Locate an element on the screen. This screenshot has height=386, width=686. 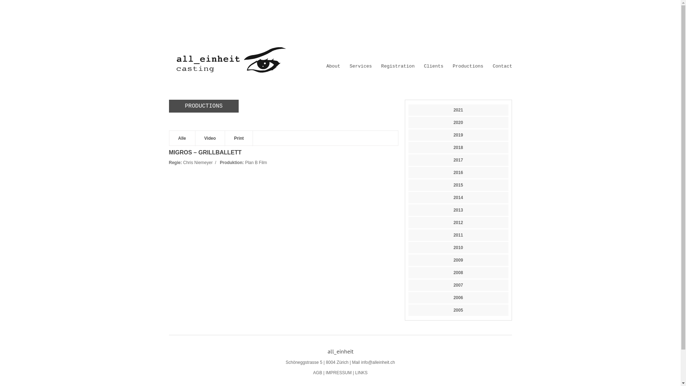
'2010' is located at coordinates (458, 247).